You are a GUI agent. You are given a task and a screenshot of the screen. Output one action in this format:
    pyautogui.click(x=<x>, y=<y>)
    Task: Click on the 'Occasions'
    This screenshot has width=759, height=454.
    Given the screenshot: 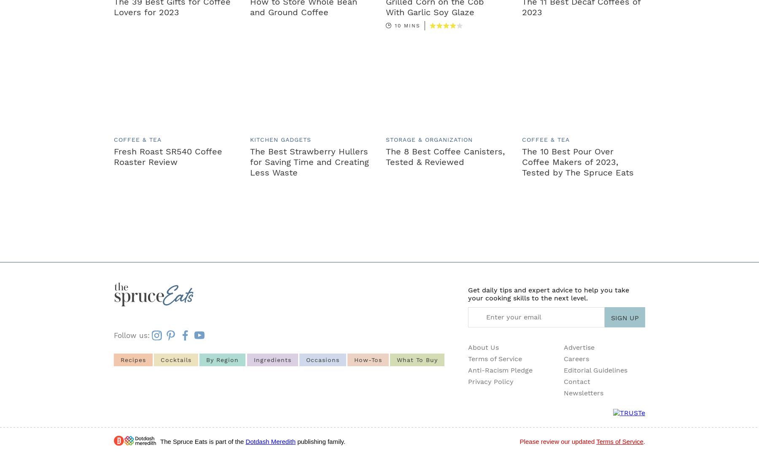 What is the action you would take?
    pyautogui.click(x=322, y=359)
    